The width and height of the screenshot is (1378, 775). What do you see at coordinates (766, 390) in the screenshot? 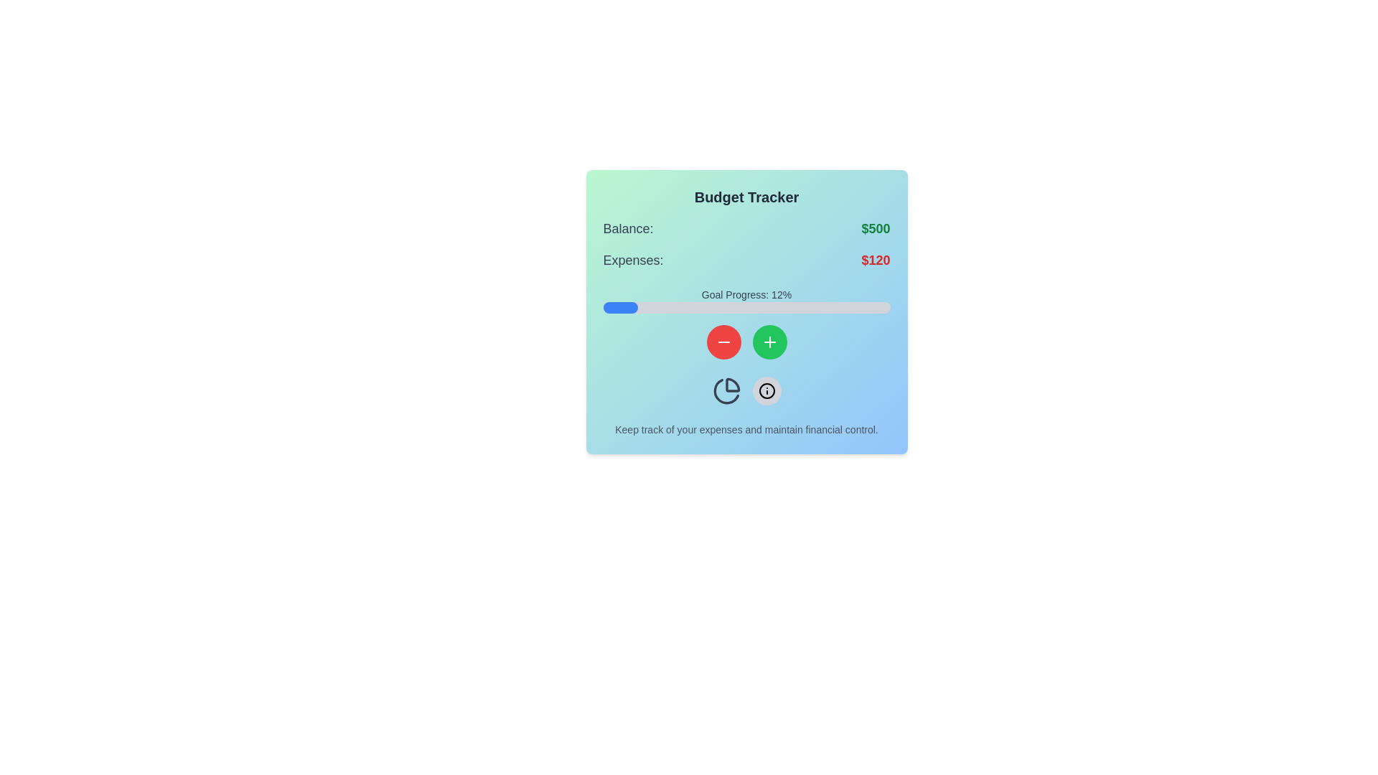
I see `the circular icon button with a gray background and a darker stroke` at bounding box center [766, 390].